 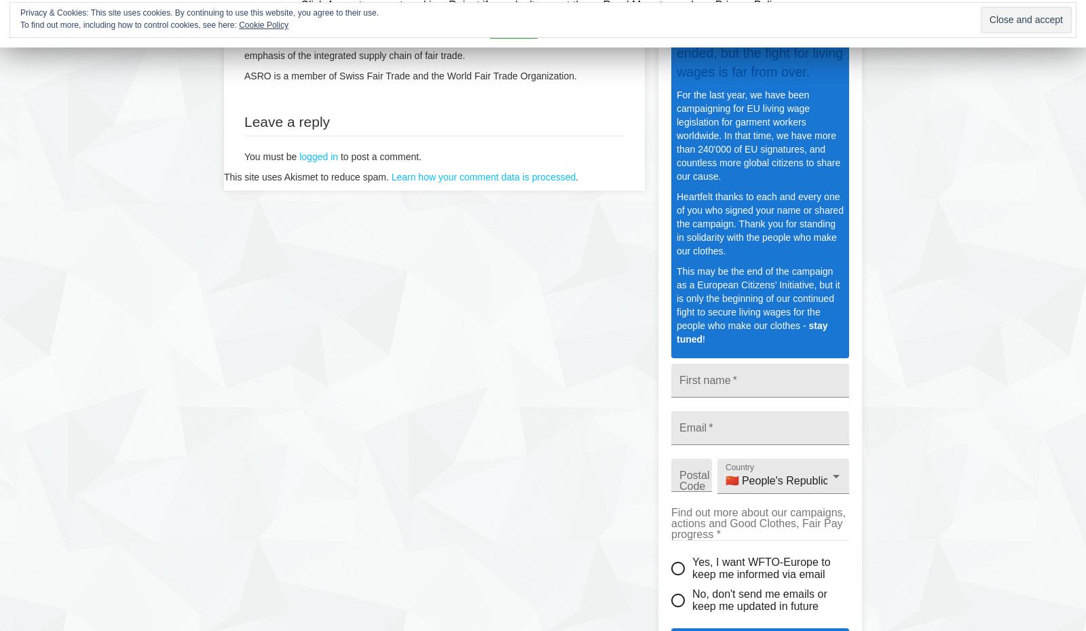 What do you see at coordinates (760, 599) in the screenshot?
I see `'No, don't send me emails or keep me updated in future'` at bounding box center [760, 599].